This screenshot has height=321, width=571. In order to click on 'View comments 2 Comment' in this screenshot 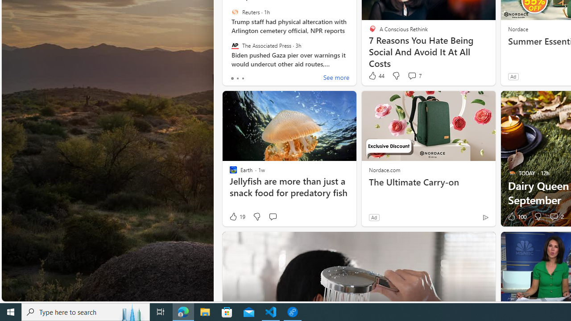, I will do `click(556, 217)`.